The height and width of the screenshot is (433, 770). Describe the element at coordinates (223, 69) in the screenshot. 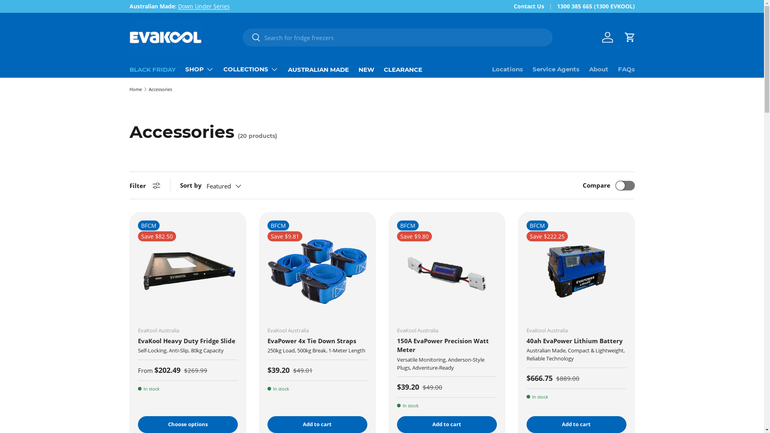

I see `'COLLECTIONS'` at that location.